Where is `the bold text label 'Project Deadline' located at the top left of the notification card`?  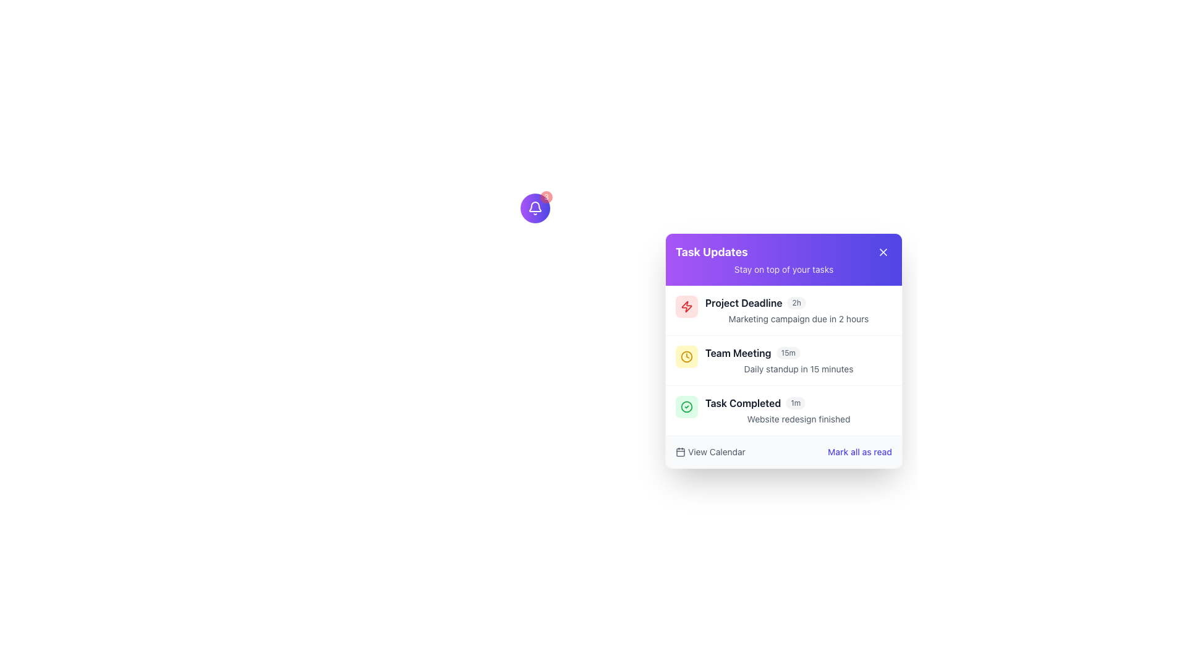 the bold text label 'Project Deadline' located at the top left of the notification card is located at coordinates (743, 302).